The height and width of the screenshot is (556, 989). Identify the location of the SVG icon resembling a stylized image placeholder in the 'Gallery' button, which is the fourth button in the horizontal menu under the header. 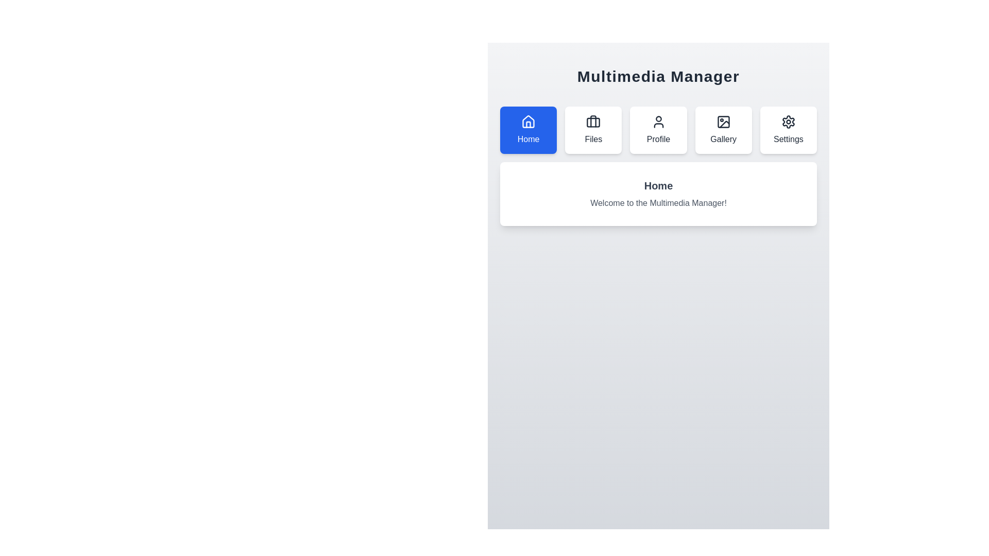
(723, 121).